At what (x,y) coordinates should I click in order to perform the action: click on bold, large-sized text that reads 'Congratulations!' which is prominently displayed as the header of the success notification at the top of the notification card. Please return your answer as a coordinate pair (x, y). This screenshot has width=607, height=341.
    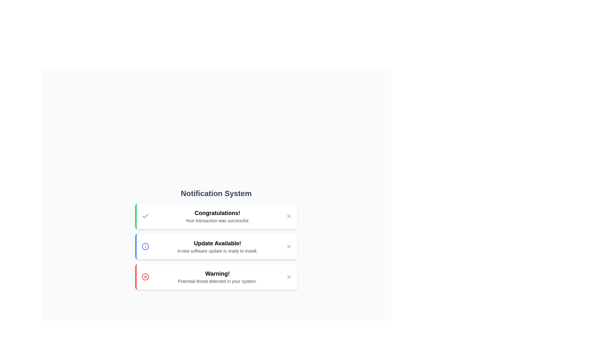
    Looking at the image, I should click on (217, 213).